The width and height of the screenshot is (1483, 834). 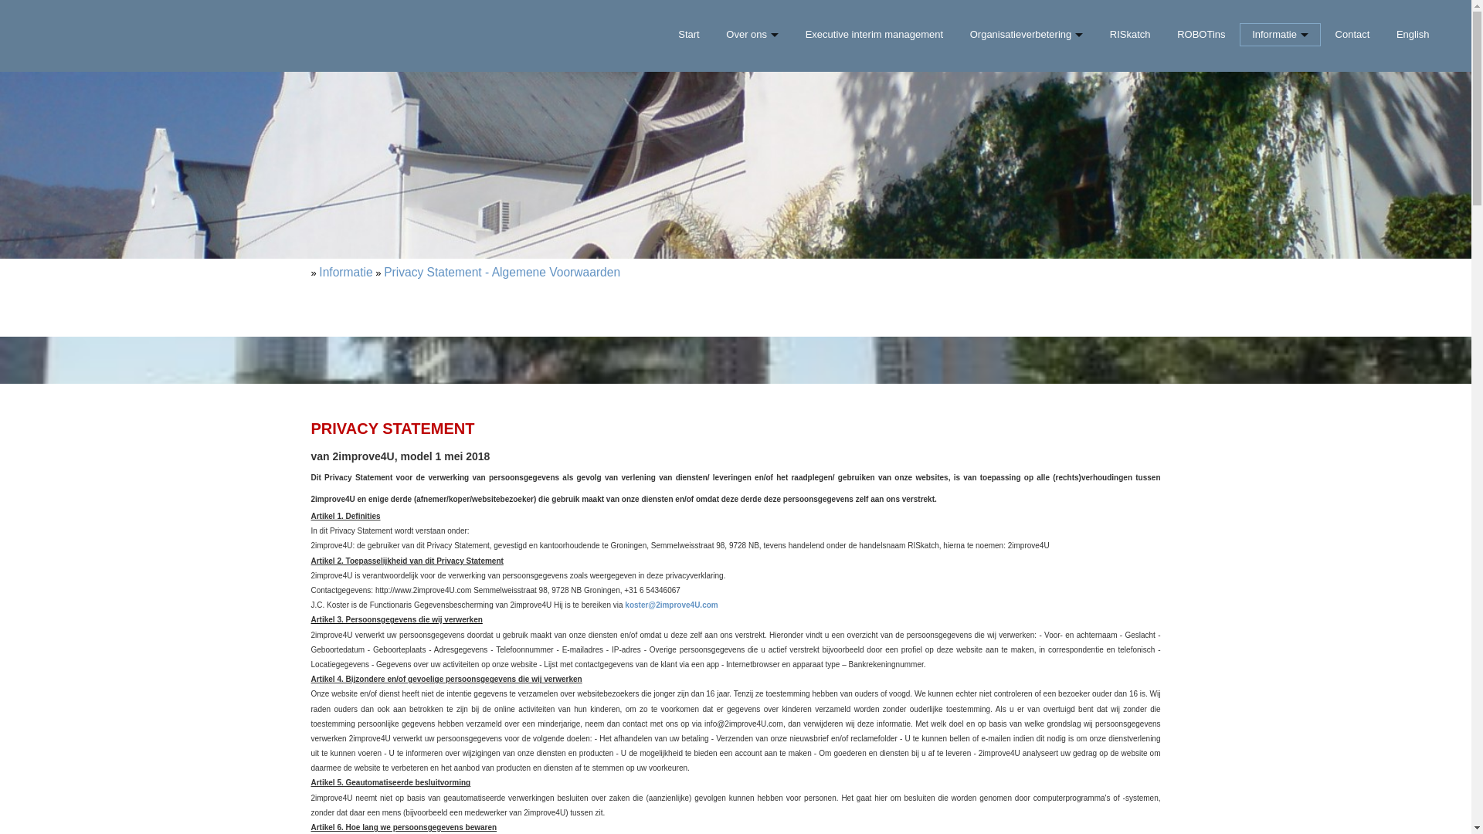 What do you see at coordinates (752, 35) in the screenshot?
I see `'Over ons'` at bounding box center [752, 35].